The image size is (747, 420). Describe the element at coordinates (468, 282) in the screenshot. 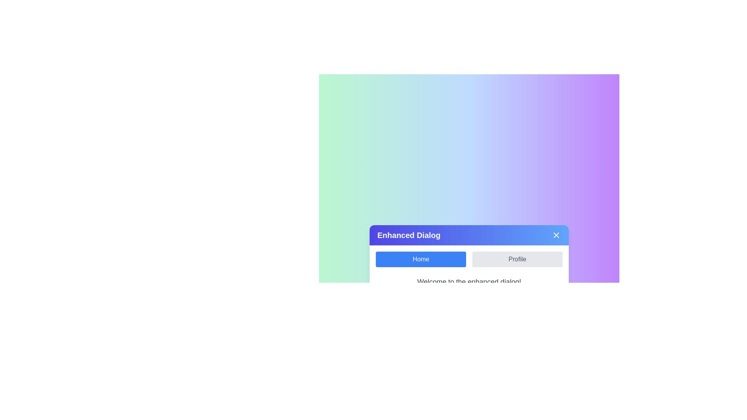

I see `the text label displaying 'Welcome to the enhanced dialog!' which is centered below the button bar` at that location.